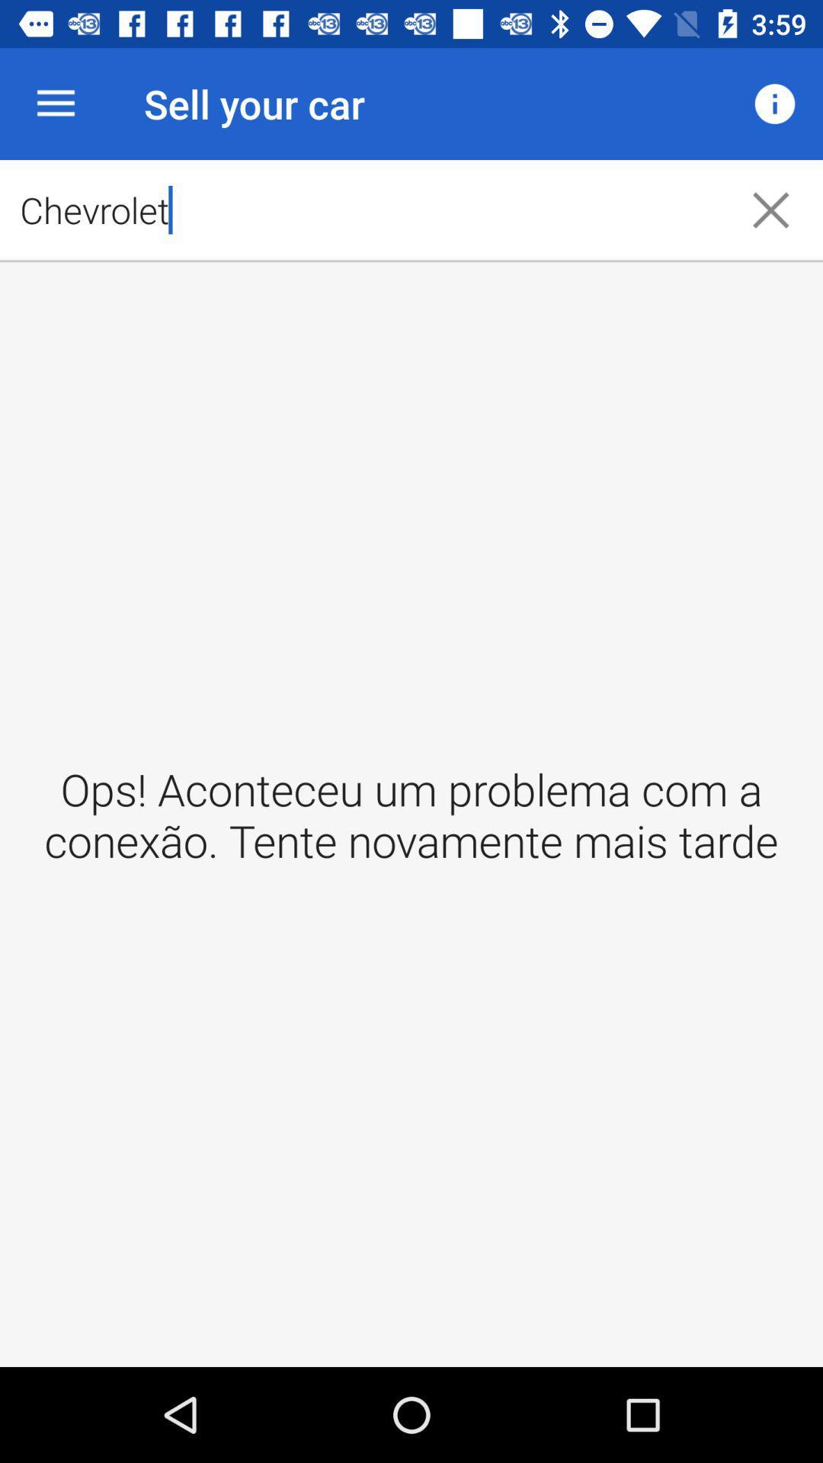  What do you see at coordinates (770, 209) in the screenshot?
I see `close` at bounding box center [770, 209].